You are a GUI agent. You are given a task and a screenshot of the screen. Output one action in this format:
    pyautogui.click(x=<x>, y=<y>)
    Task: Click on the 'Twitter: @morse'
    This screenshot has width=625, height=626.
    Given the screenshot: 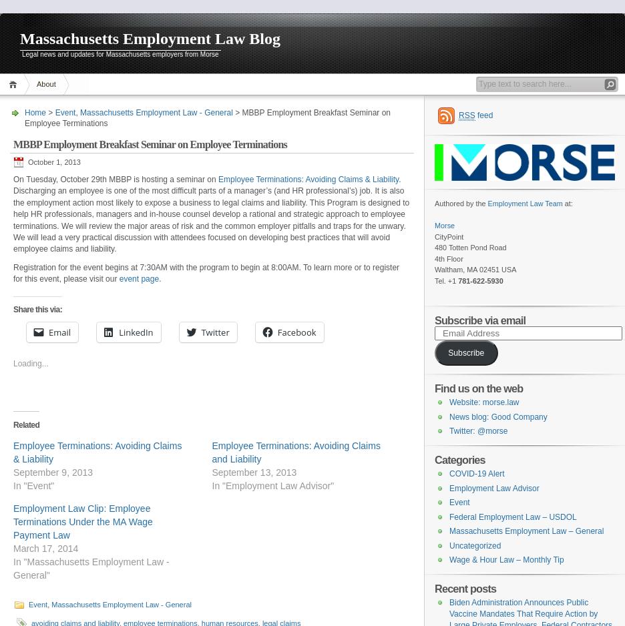 What is the action you would take?
    pyautogui.click(x=477, y=430)
    